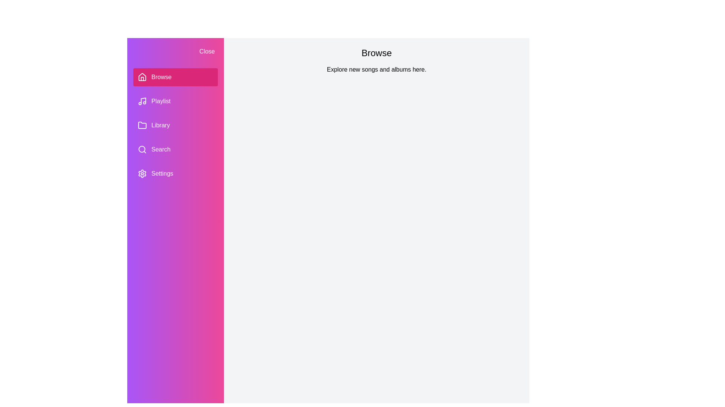 Image resolution: width=725 pixels, height=407 pixels. Describe the element at coordinates (175, 174) in the screenshot. I see `the section Settings in the PlaylistDrawer` at that location.